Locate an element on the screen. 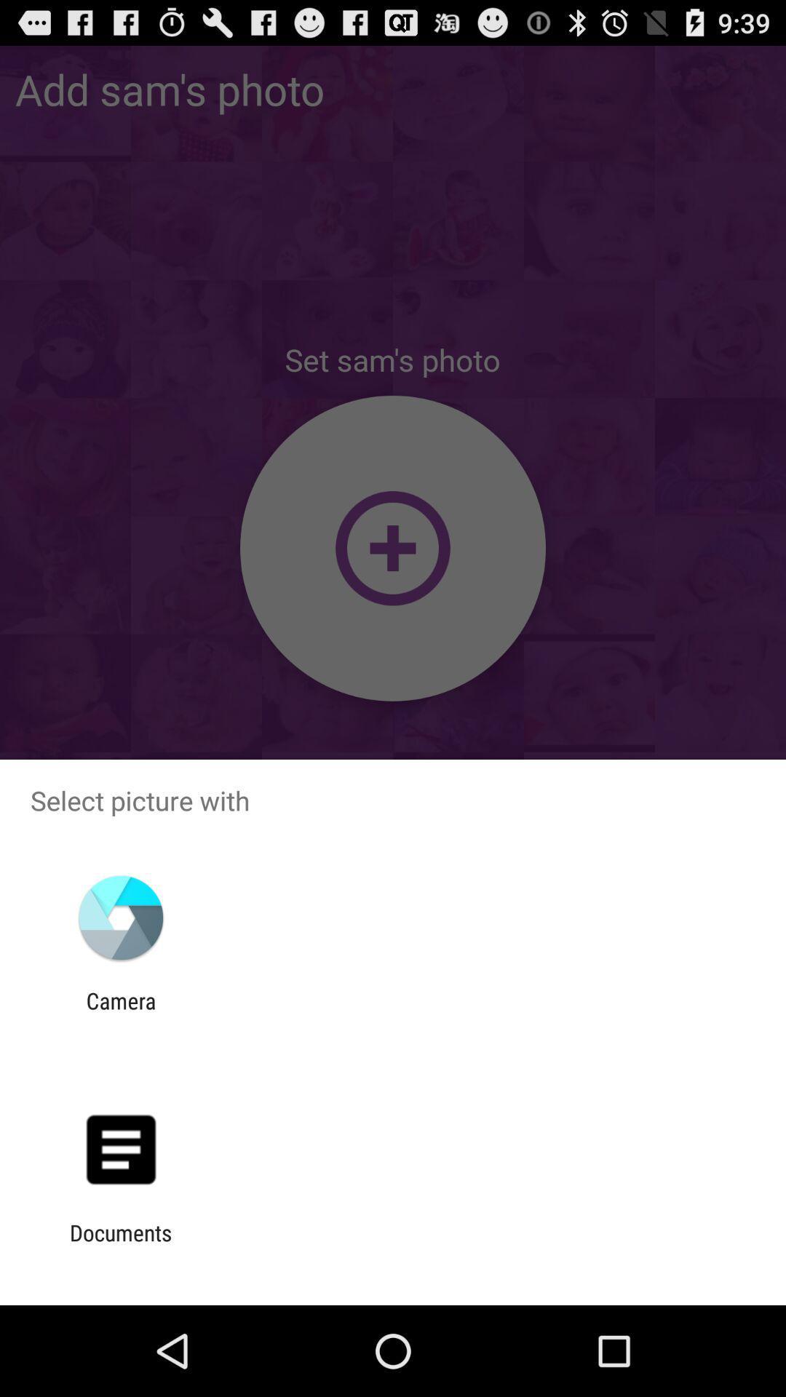 The height and width of the screenshot is (1397, 786). the camera icon is located at coordinates (120, 1013).